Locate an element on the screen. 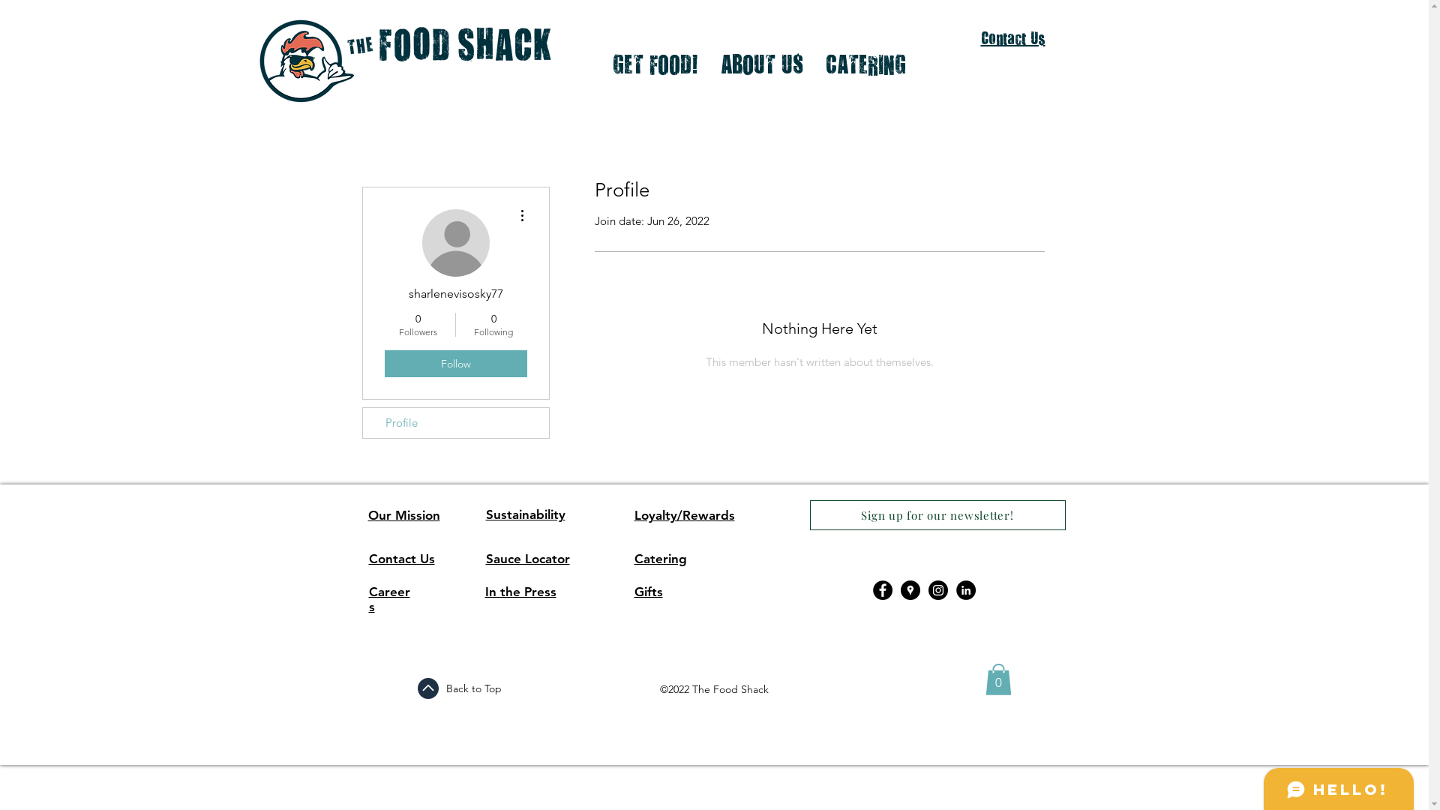  'Loyalty/Rewards' is located at coordinates (683, 514).